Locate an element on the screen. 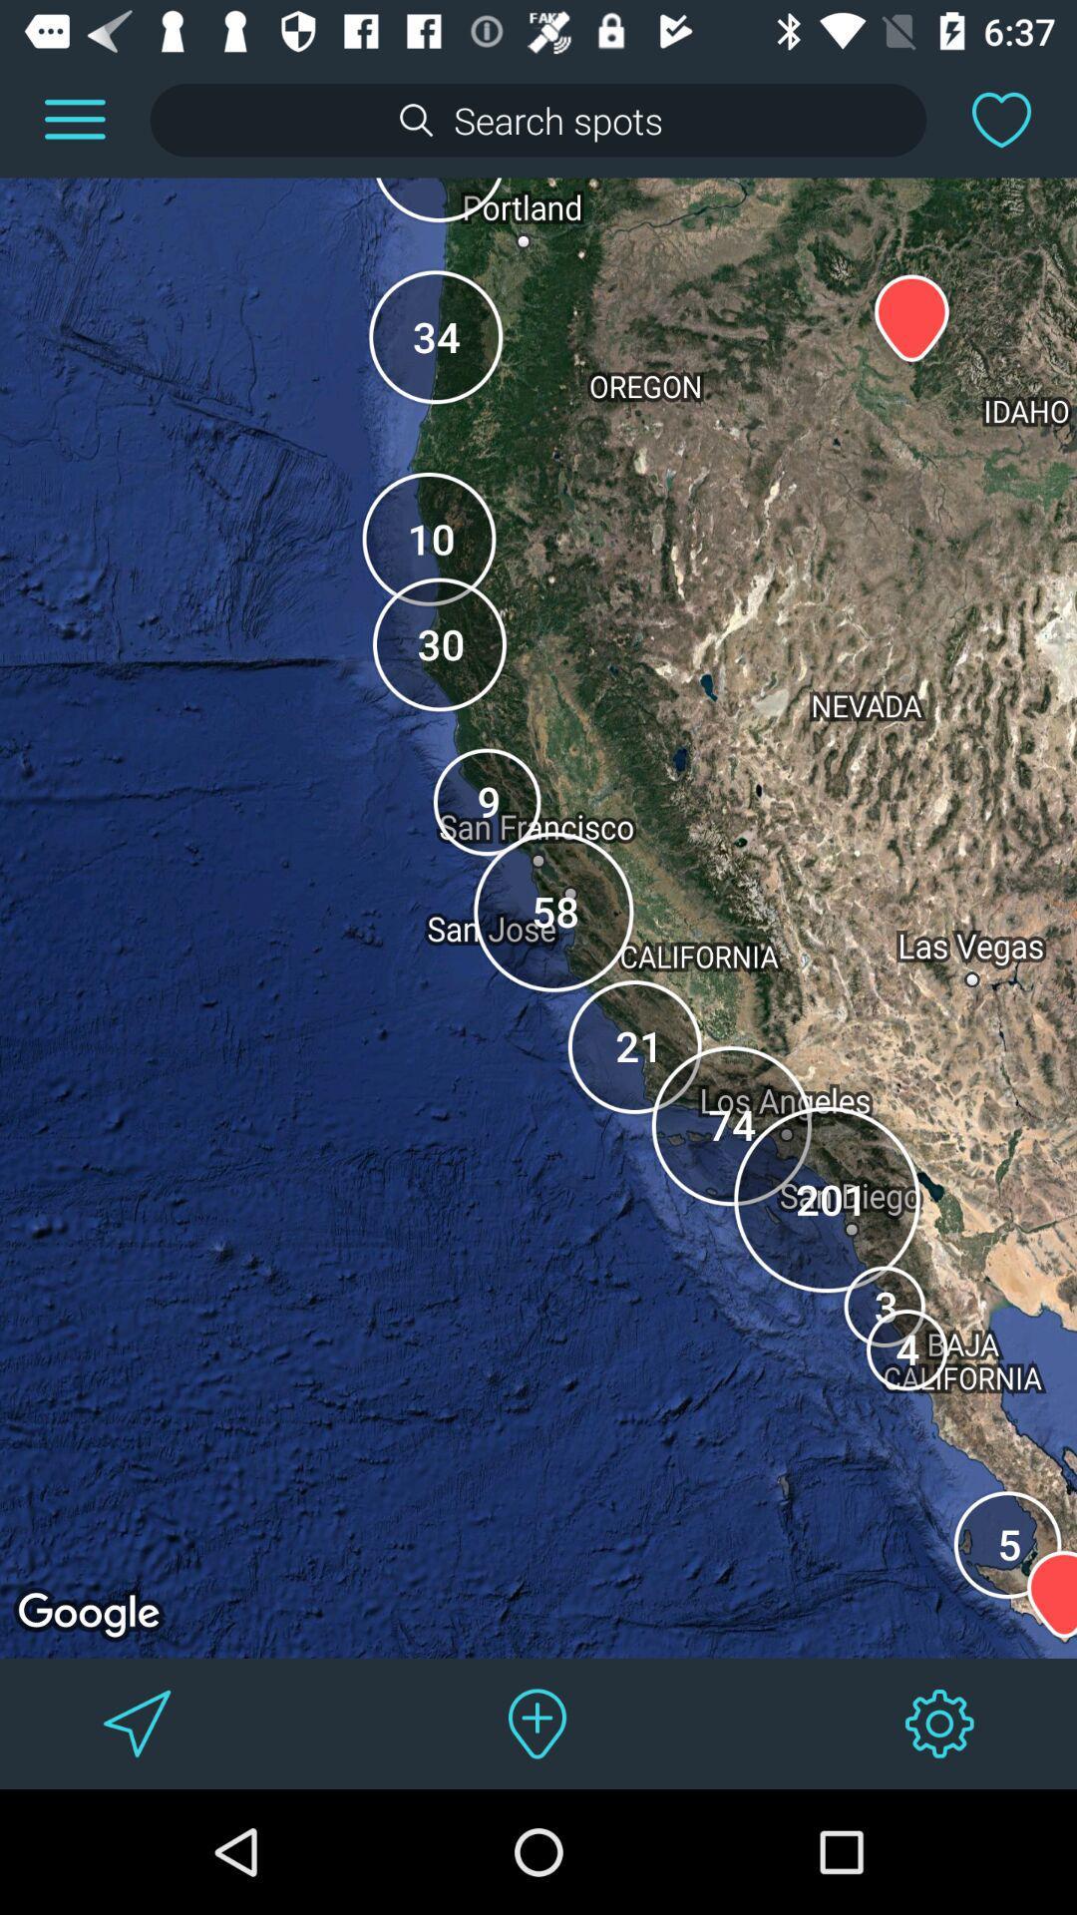  location is located at coordinates (537, 1723).